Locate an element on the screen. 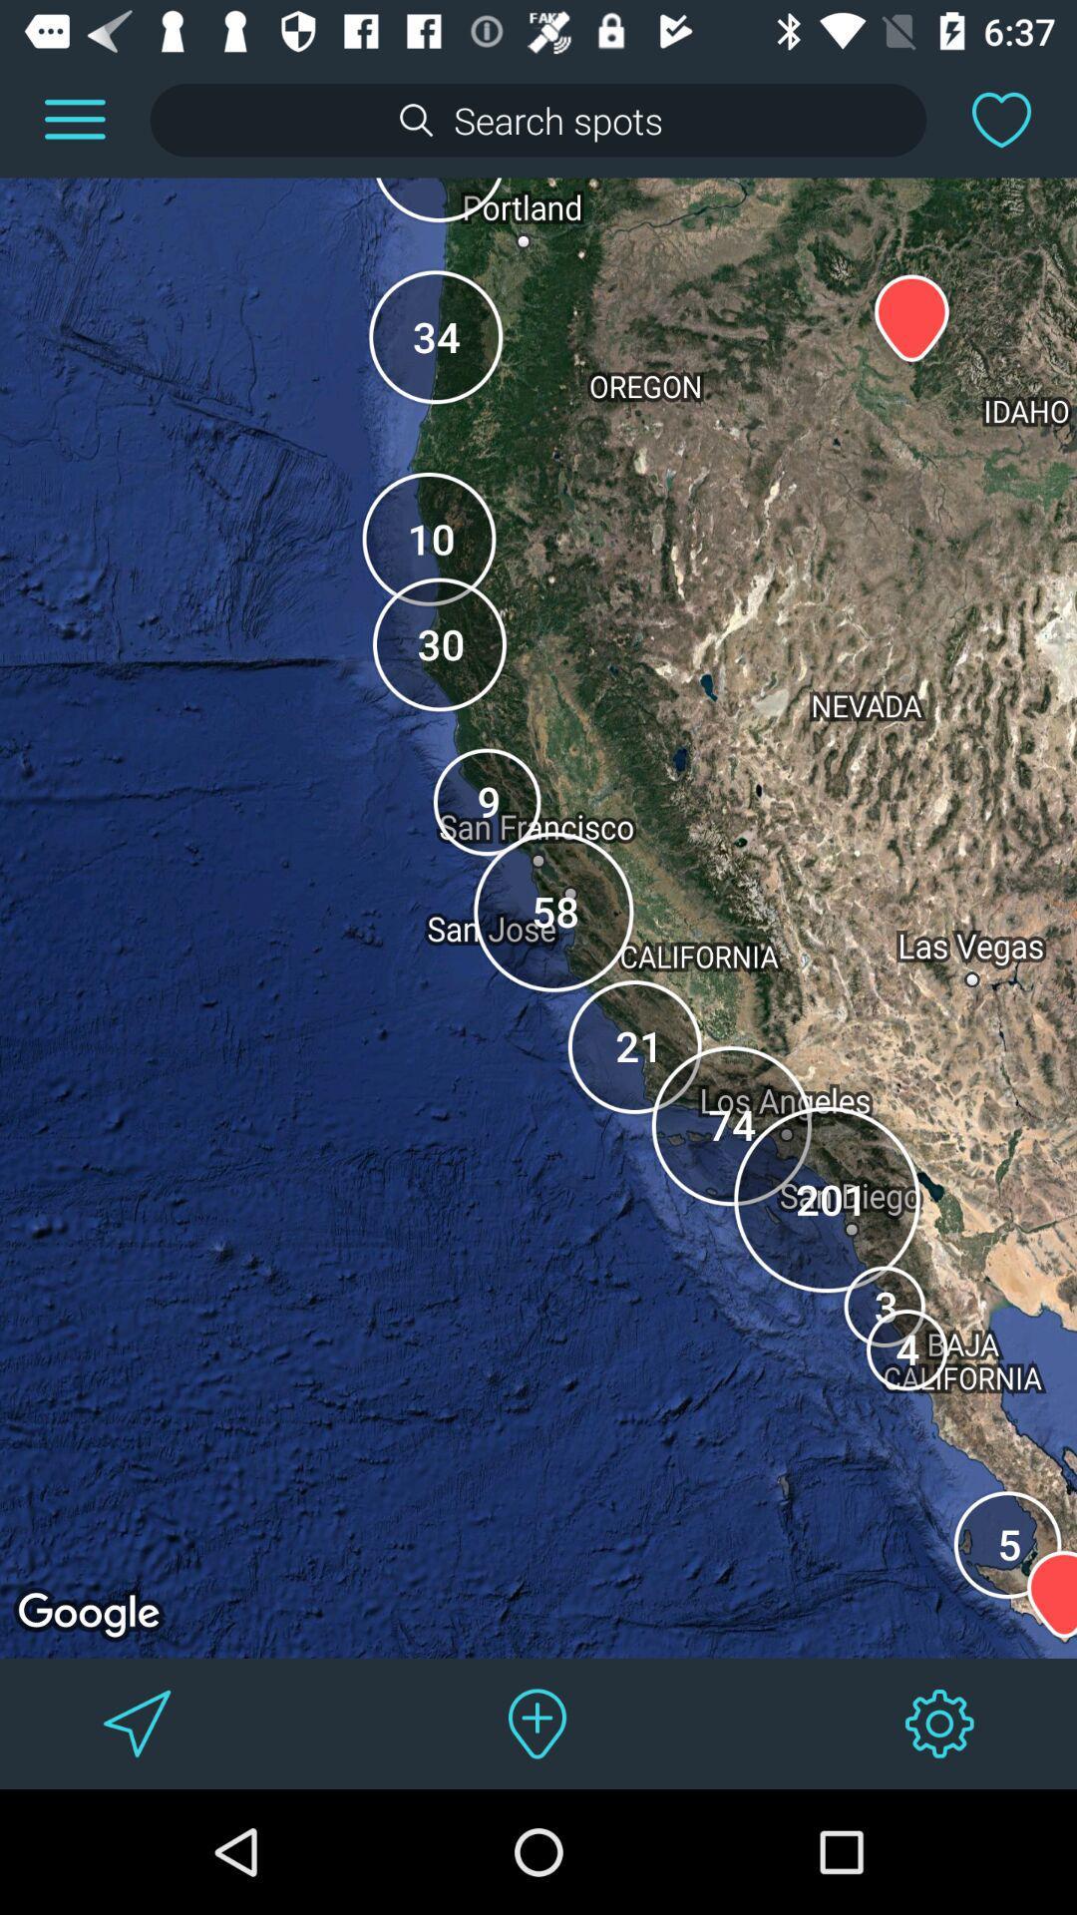  location is located at coordinates (537, 1723).